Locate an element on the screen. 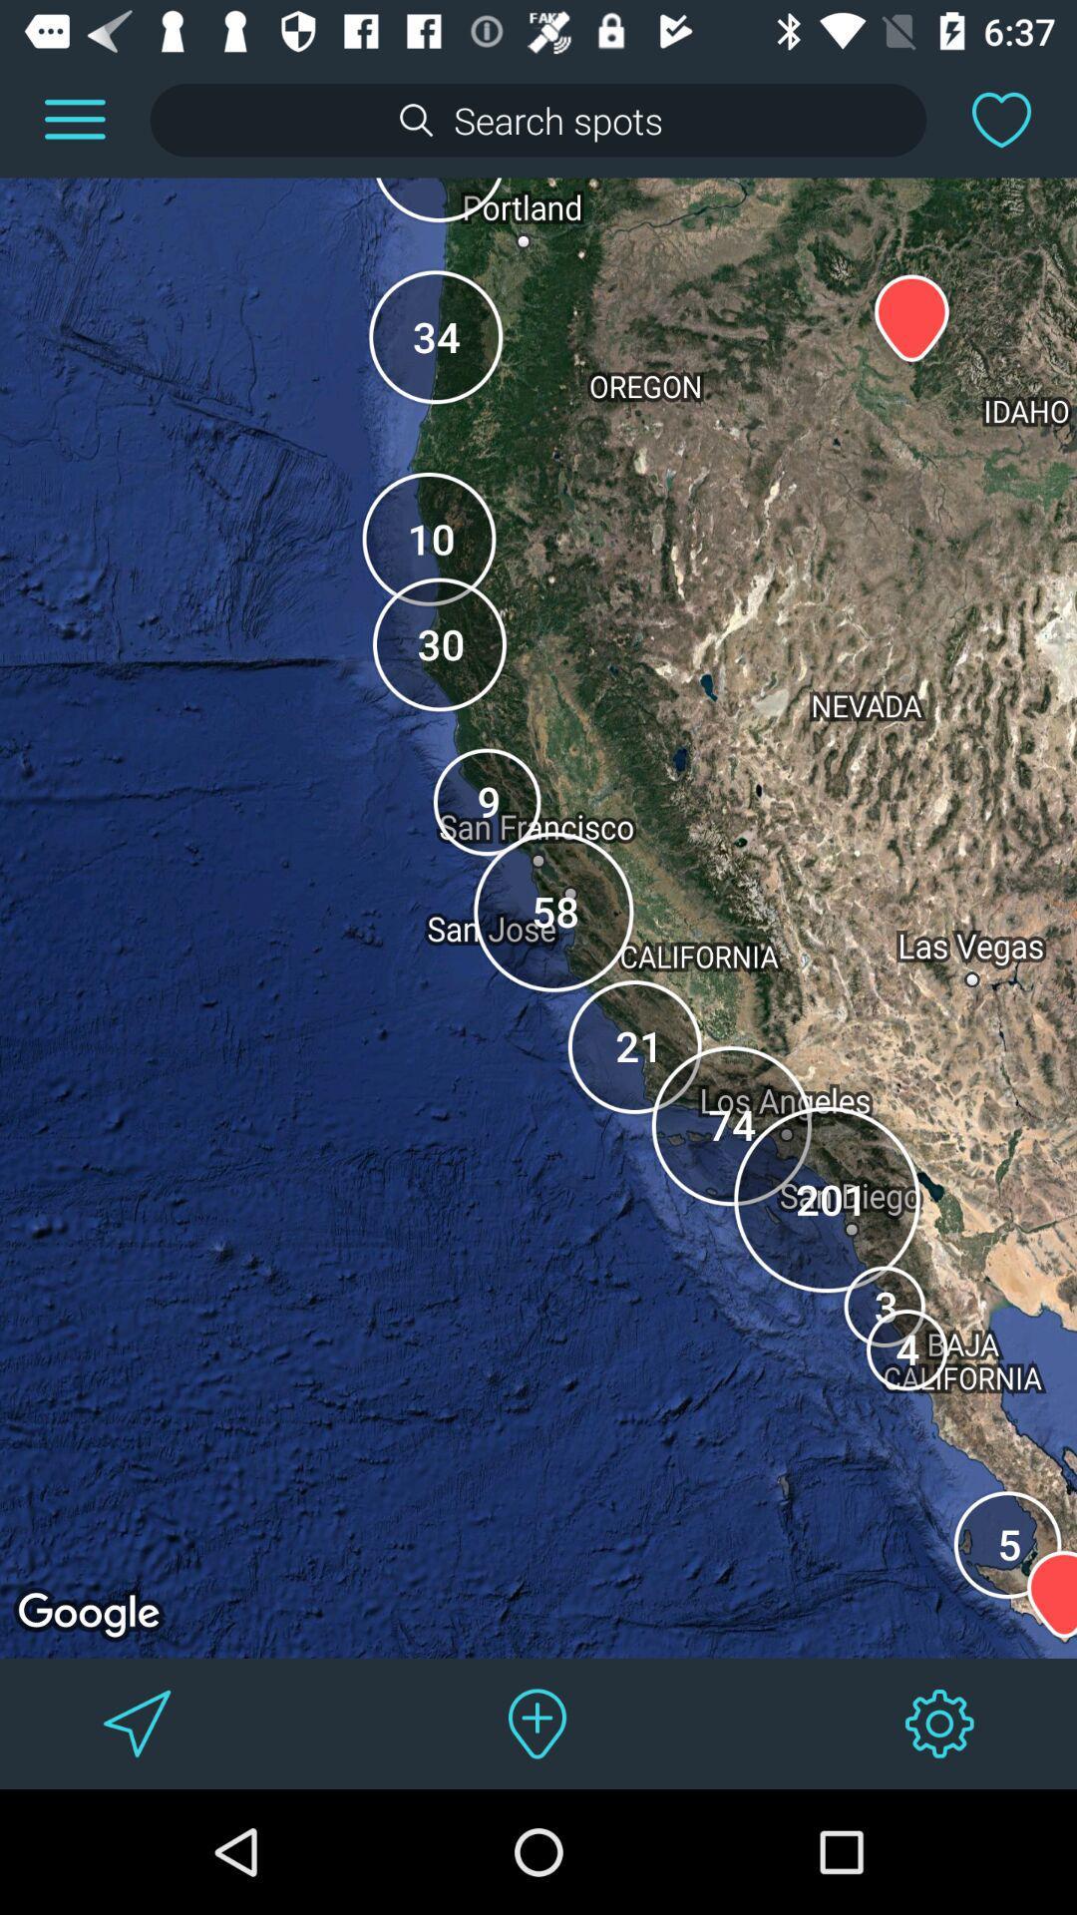  location is located at coordinates (537, 1723).